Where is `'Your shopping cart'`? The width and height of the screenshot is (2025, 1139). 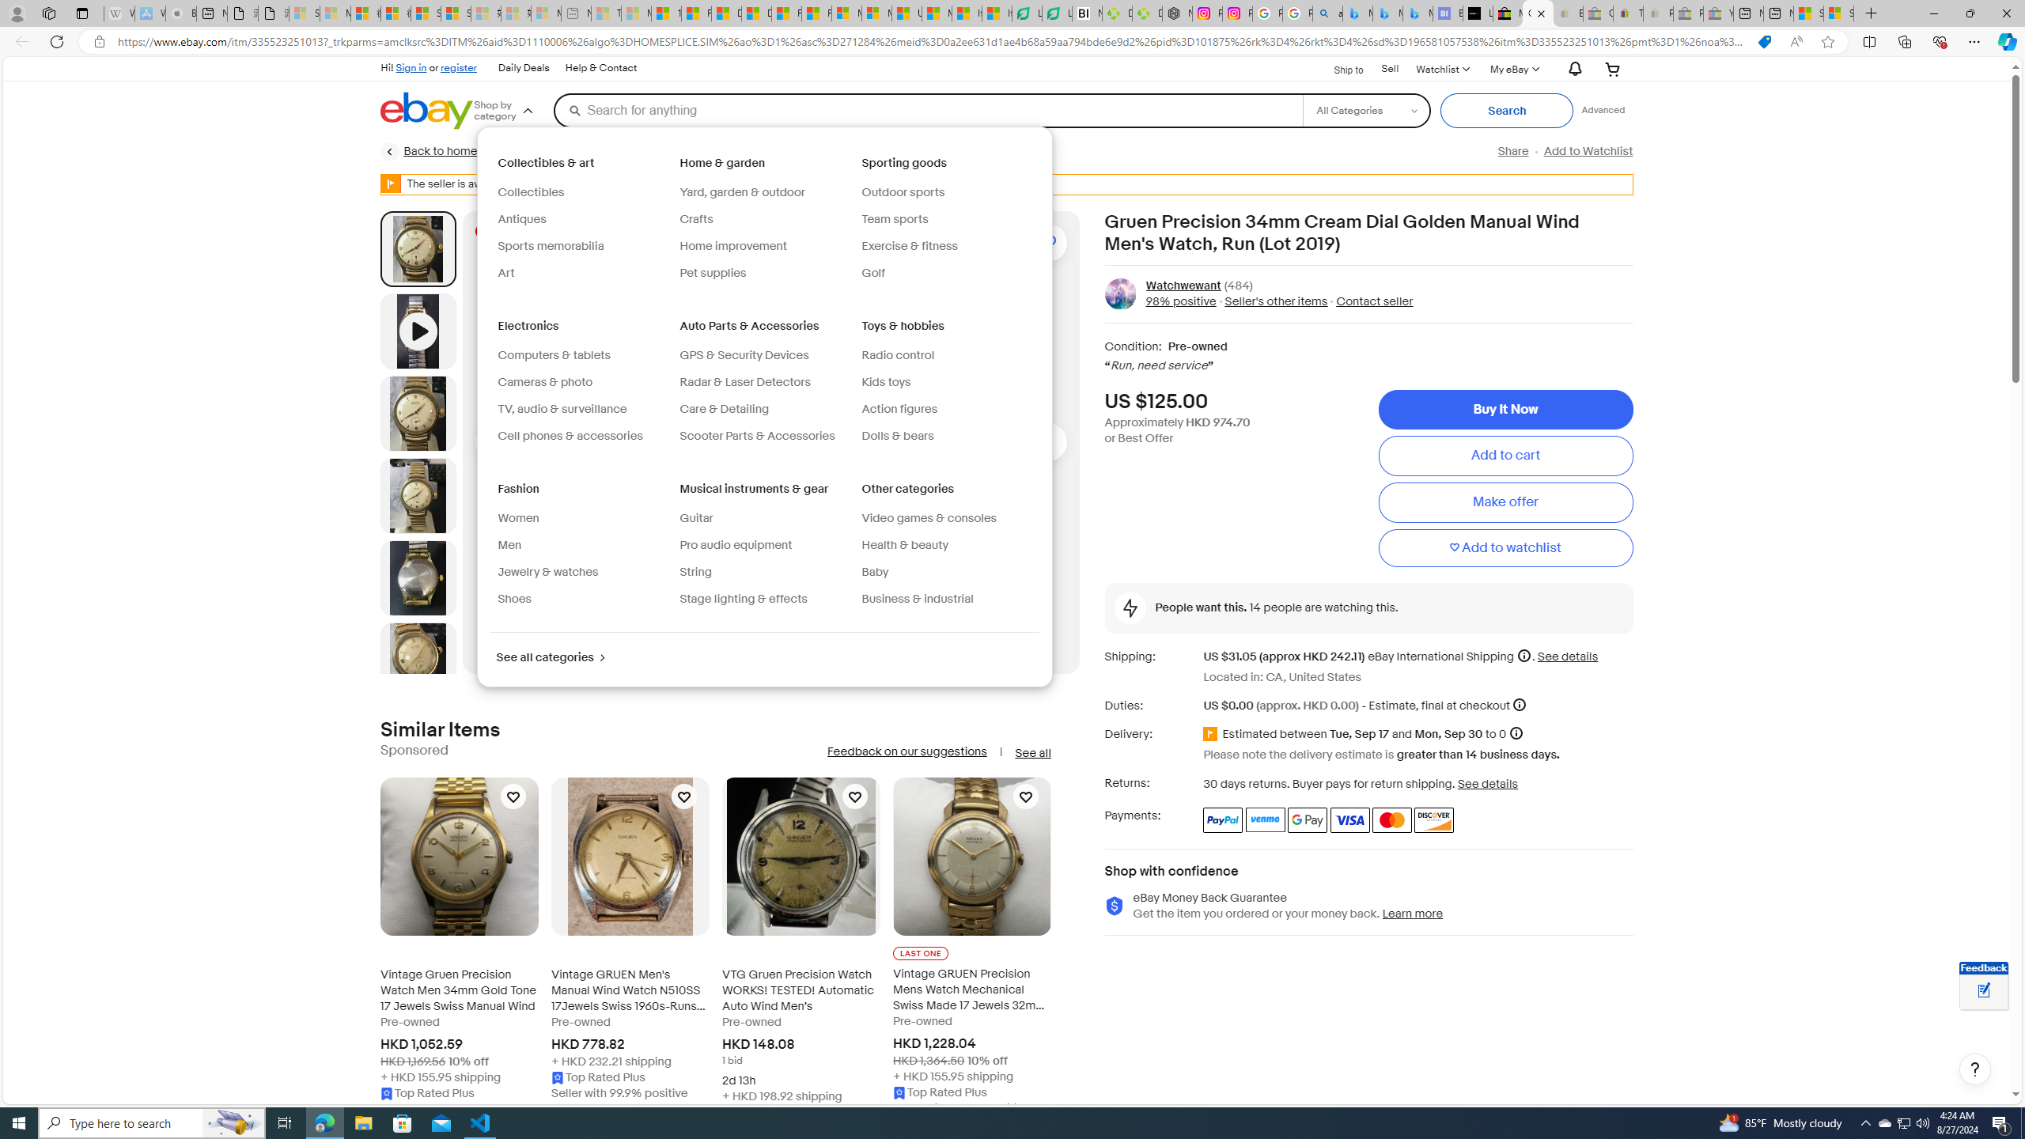
'Your shopping cart' is located at coordinates (1612, 69).